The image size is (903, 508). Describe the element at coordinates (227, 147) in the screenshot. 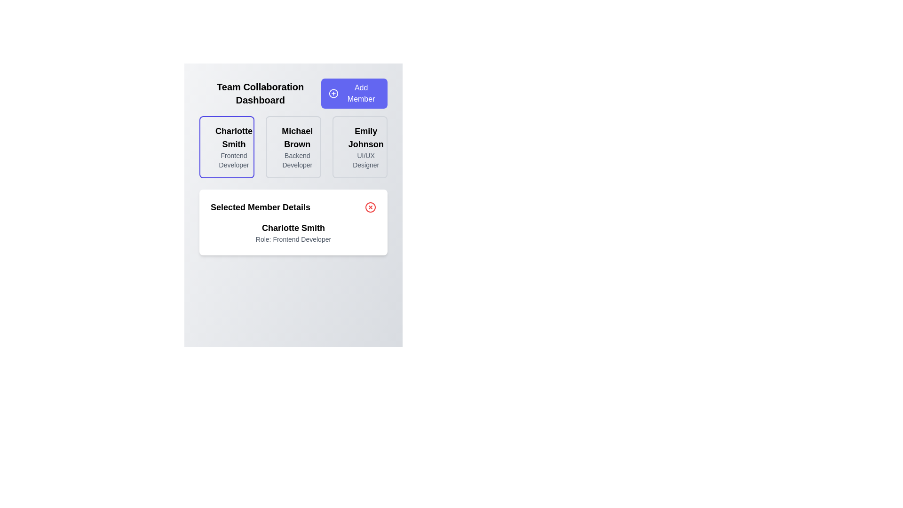

I see `the name 'Charlotte Smith' in the Text Display Component` at that location.